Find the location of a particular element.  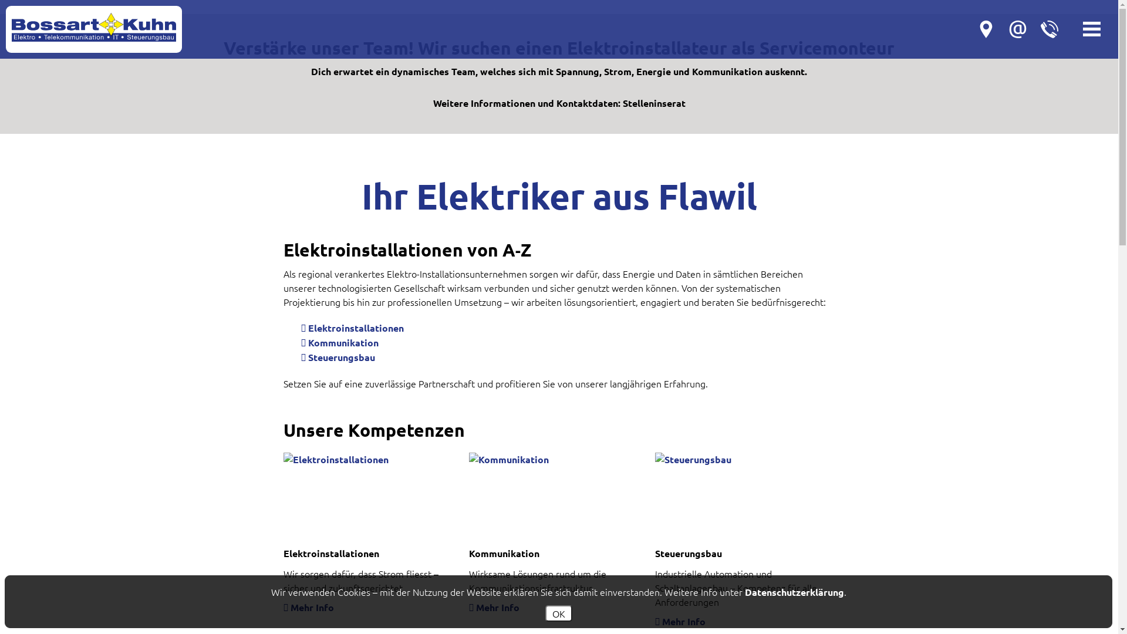

'Stelleninserat' is located at coordinates (653, 102).